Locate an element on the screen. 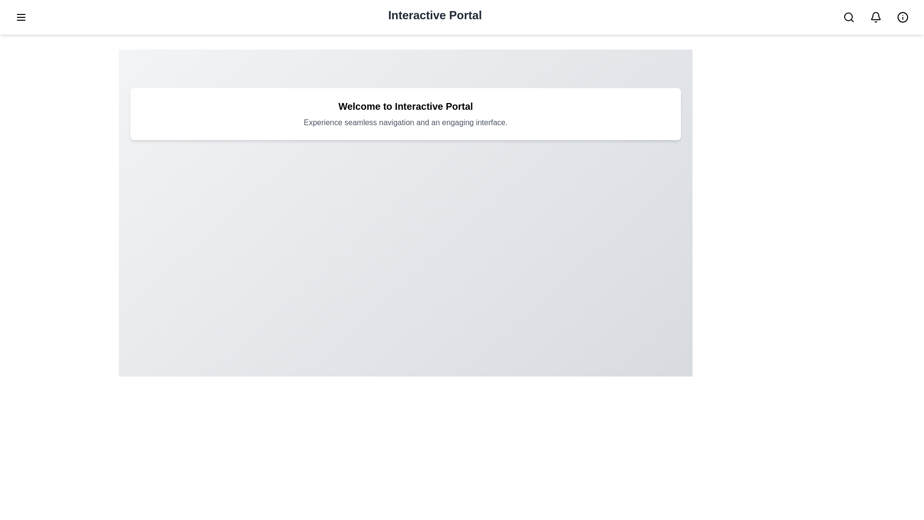 Image resolution: width=924 pixels, height=520 pixels. the Menu button in the navigation bar is located at coordinates (21, 17).